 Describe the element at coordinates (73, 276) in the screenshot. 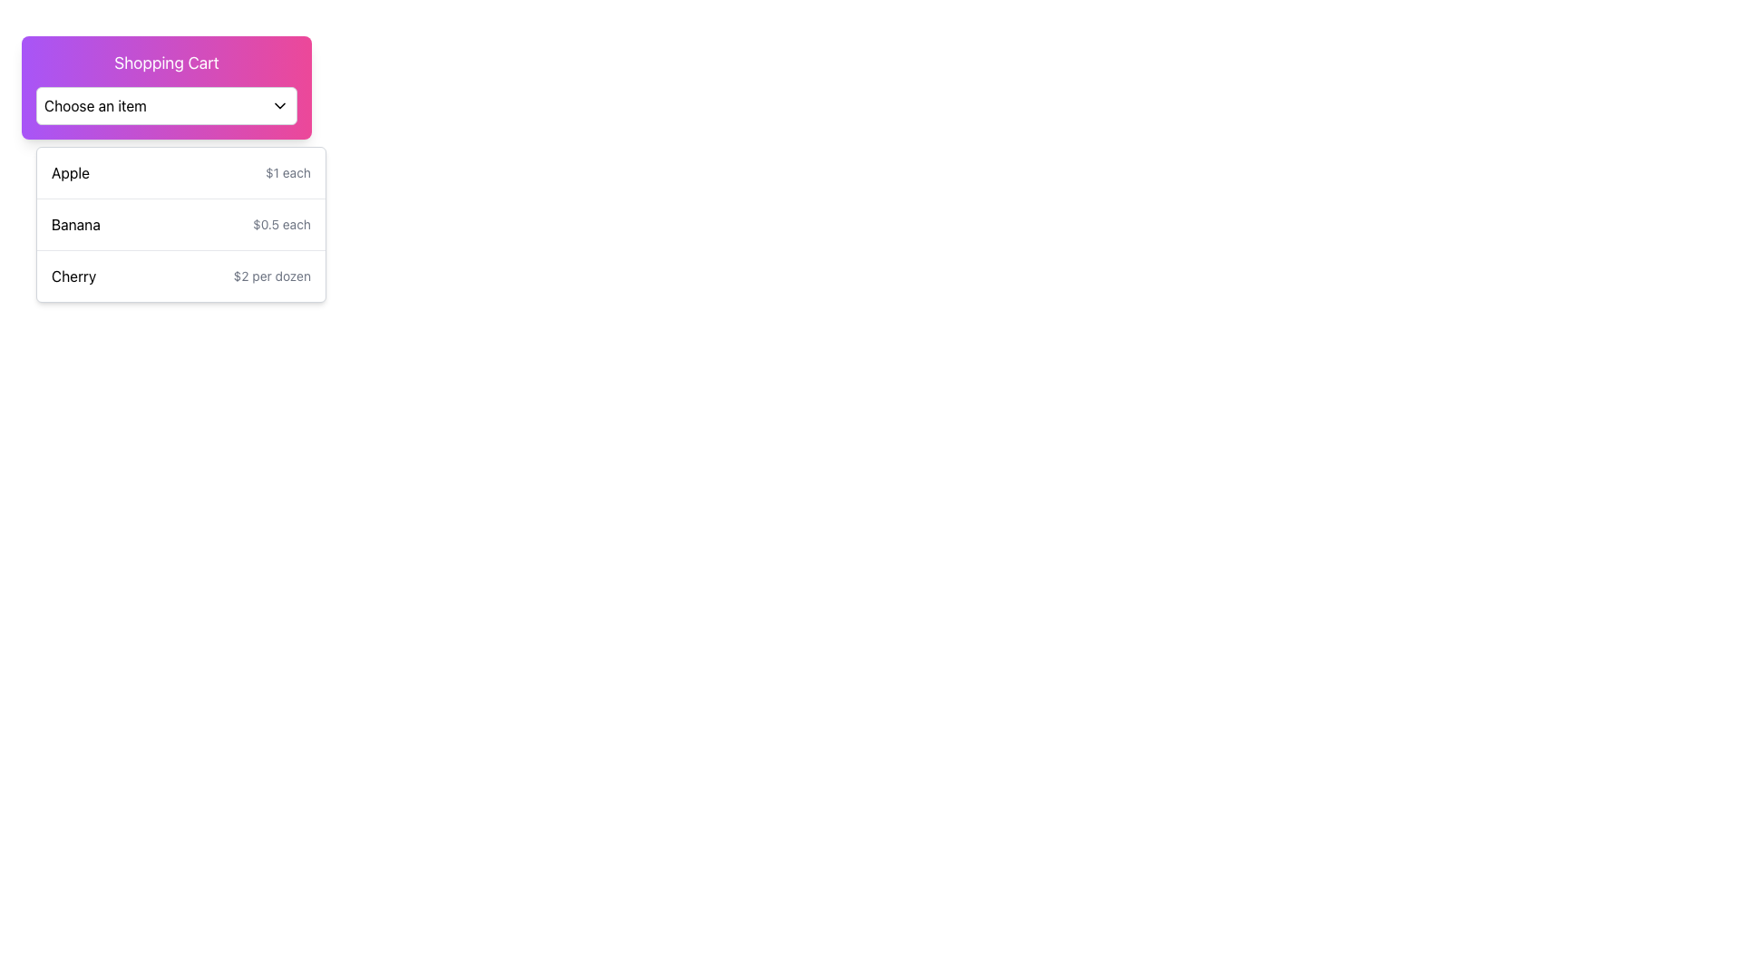

I see `the label displaying the text 'Cherry' in bold black font, located in the third entry of the vertical list under the 'Shopping Cart' dropdown menu` at that location.